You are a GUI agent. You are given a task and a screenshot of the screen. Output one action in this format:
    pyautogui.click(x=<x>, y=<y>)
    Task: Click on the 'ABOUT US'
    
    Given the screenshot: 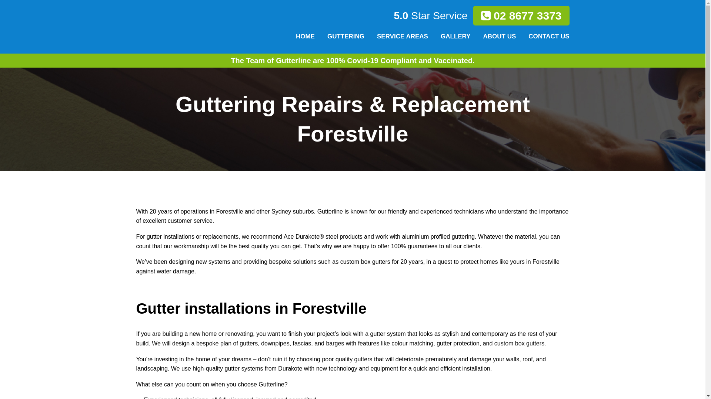 What is the action you would take?
    pyautogui.click(x=500, y=36)
    